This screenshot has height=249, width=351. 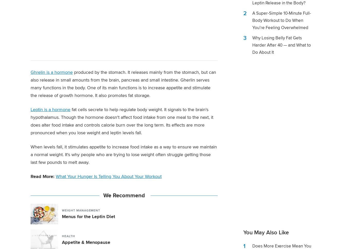 I want to click on '3', so click(x=245, y=38).